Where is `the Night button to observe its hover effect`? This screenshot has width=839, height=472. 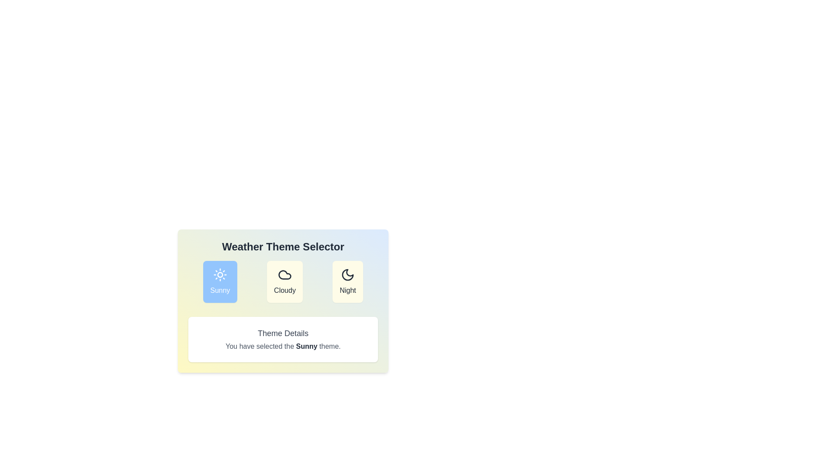 the Night button to observe its hover effect is located at coordinates (347, 281).